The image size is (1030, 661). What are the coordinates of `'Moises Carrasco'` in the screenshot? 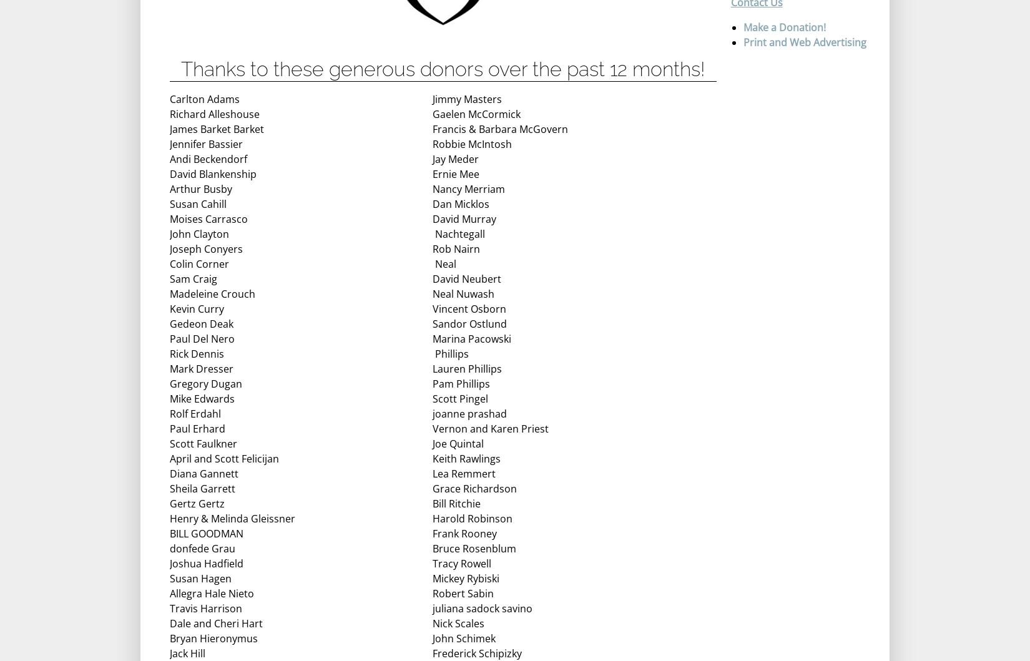 It's located at (208, 218).